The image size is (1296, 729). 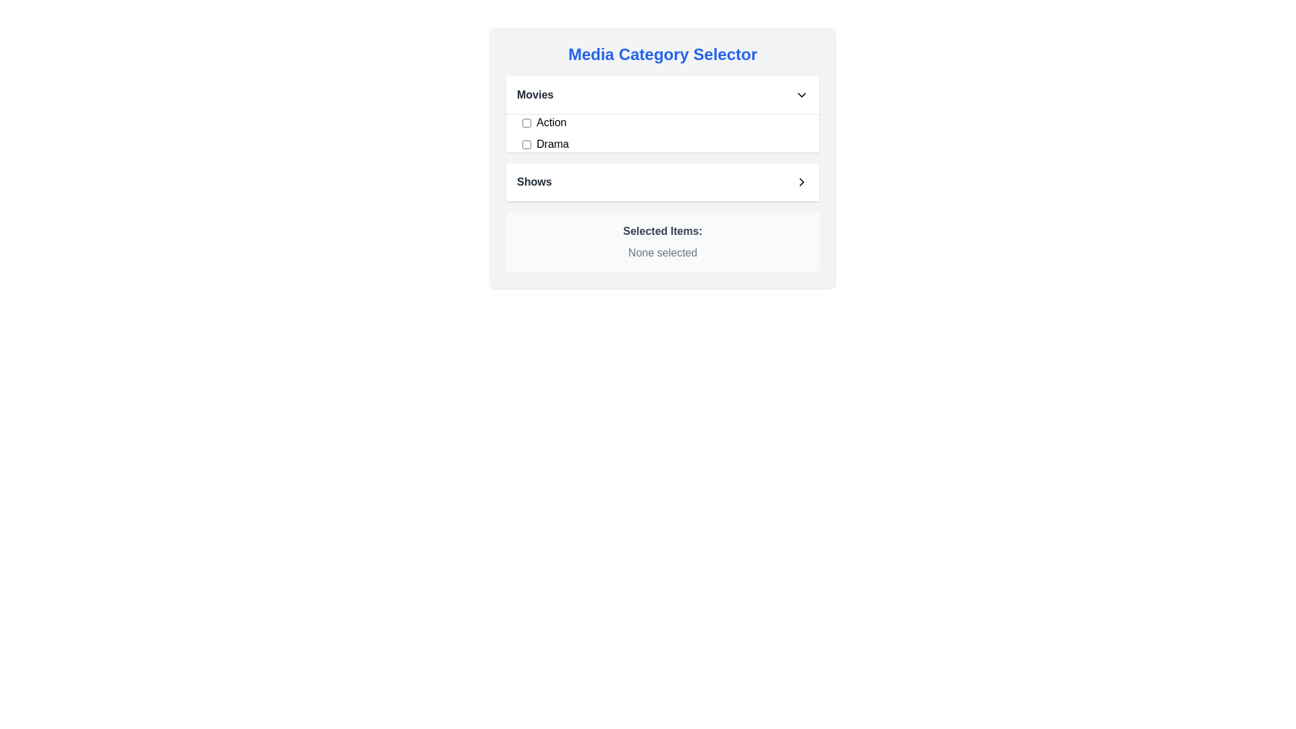 I want to click on the 'Drama' category checkbox in the 'Movies' section to trigger potential tooltip or focus effects, so click(x=670, y=144).